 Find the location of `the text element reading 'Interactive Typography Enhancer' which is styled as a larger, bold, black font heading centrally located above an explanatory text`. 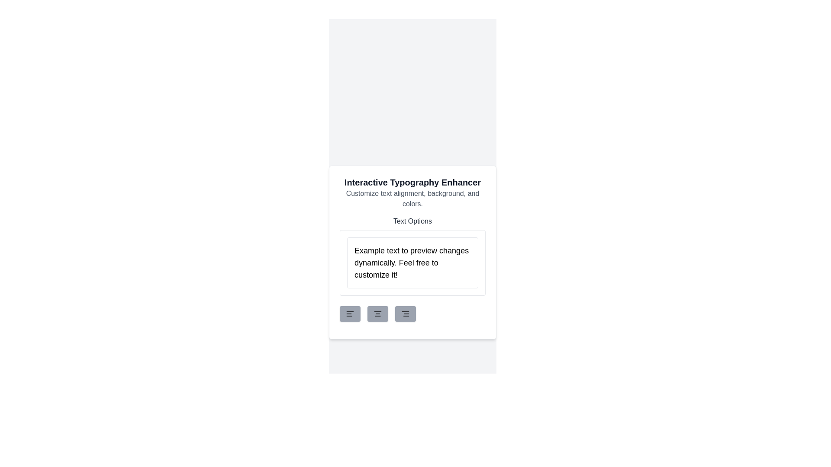

the text element reading 'Interactive Typography Enhancer' which is styled as a larger, bold, black font heading centrally located above an explanatory text is located at coordinates (412, 182).